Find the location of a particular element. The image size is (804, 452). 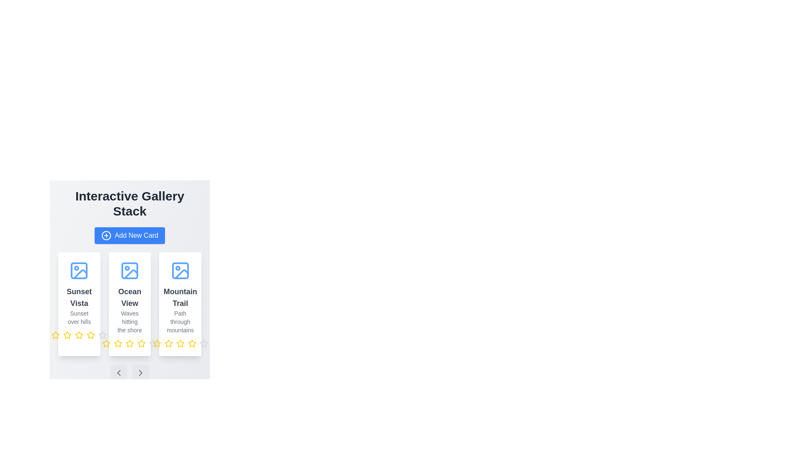

the button with a left-chevron icon located in the bottom-left part of the gallery section to change its appearance from light gray to blue is located at coordinates (118, 372).